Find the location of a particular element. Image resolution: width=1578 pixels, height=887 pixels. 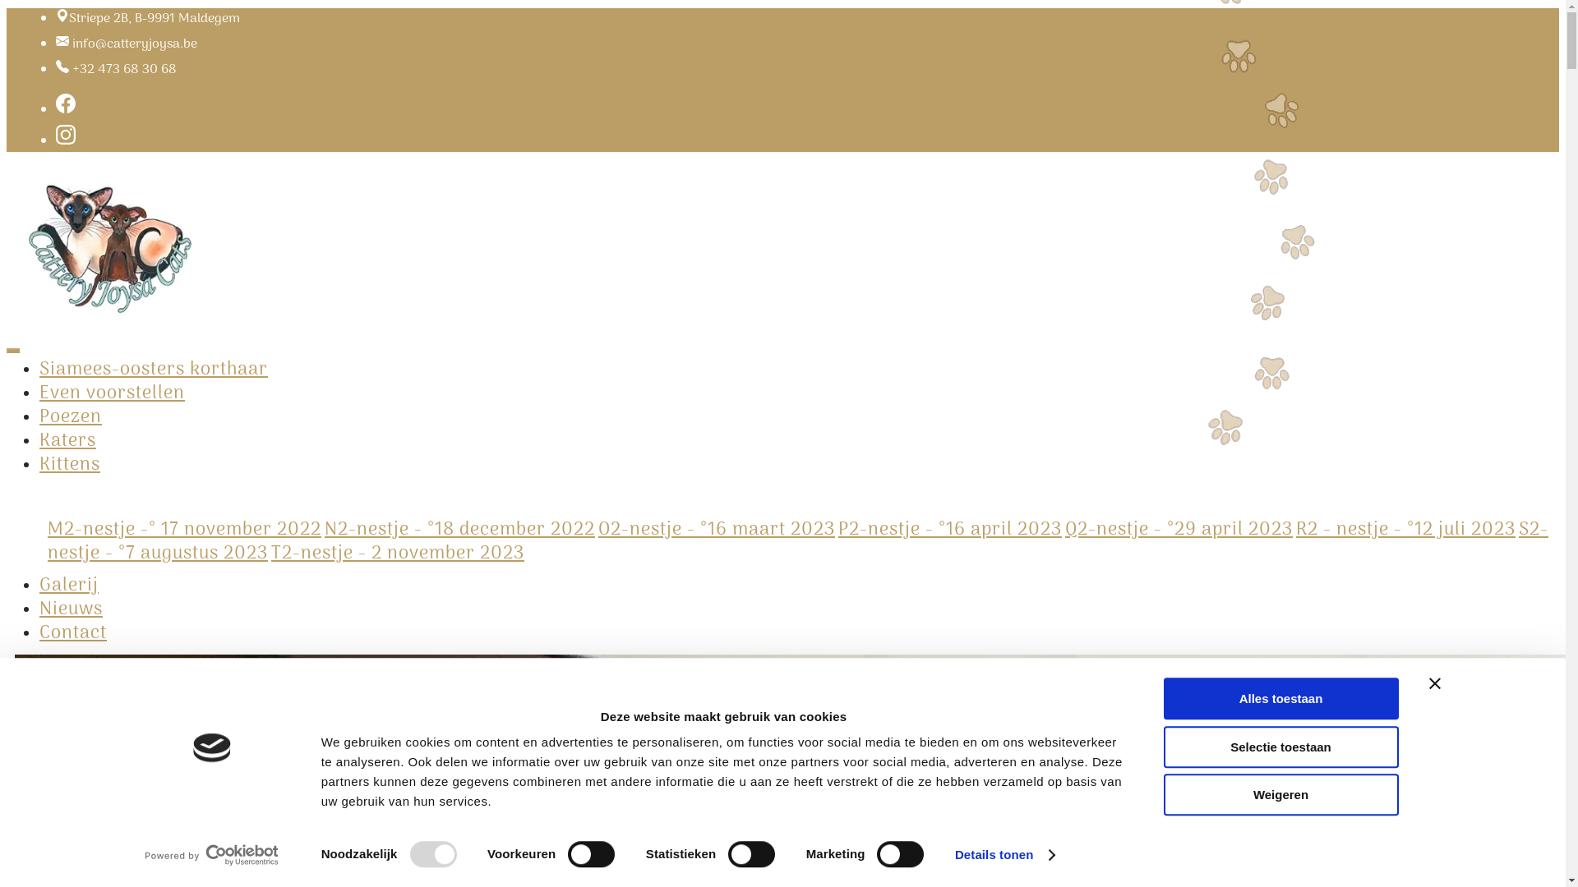

'Logo Cattery Joysa' is located at coordinates (108, 246).